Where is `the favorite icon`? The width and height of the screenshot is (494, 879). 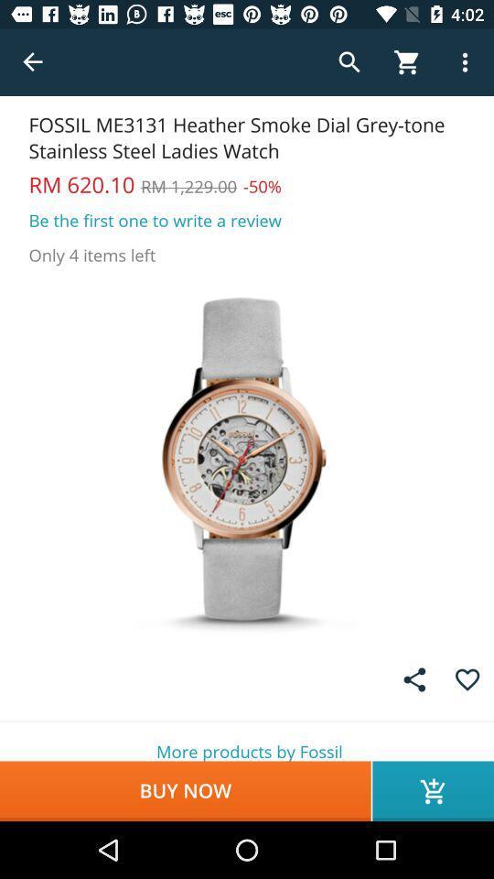 the favorite icon is located at coordinates (467, 678).